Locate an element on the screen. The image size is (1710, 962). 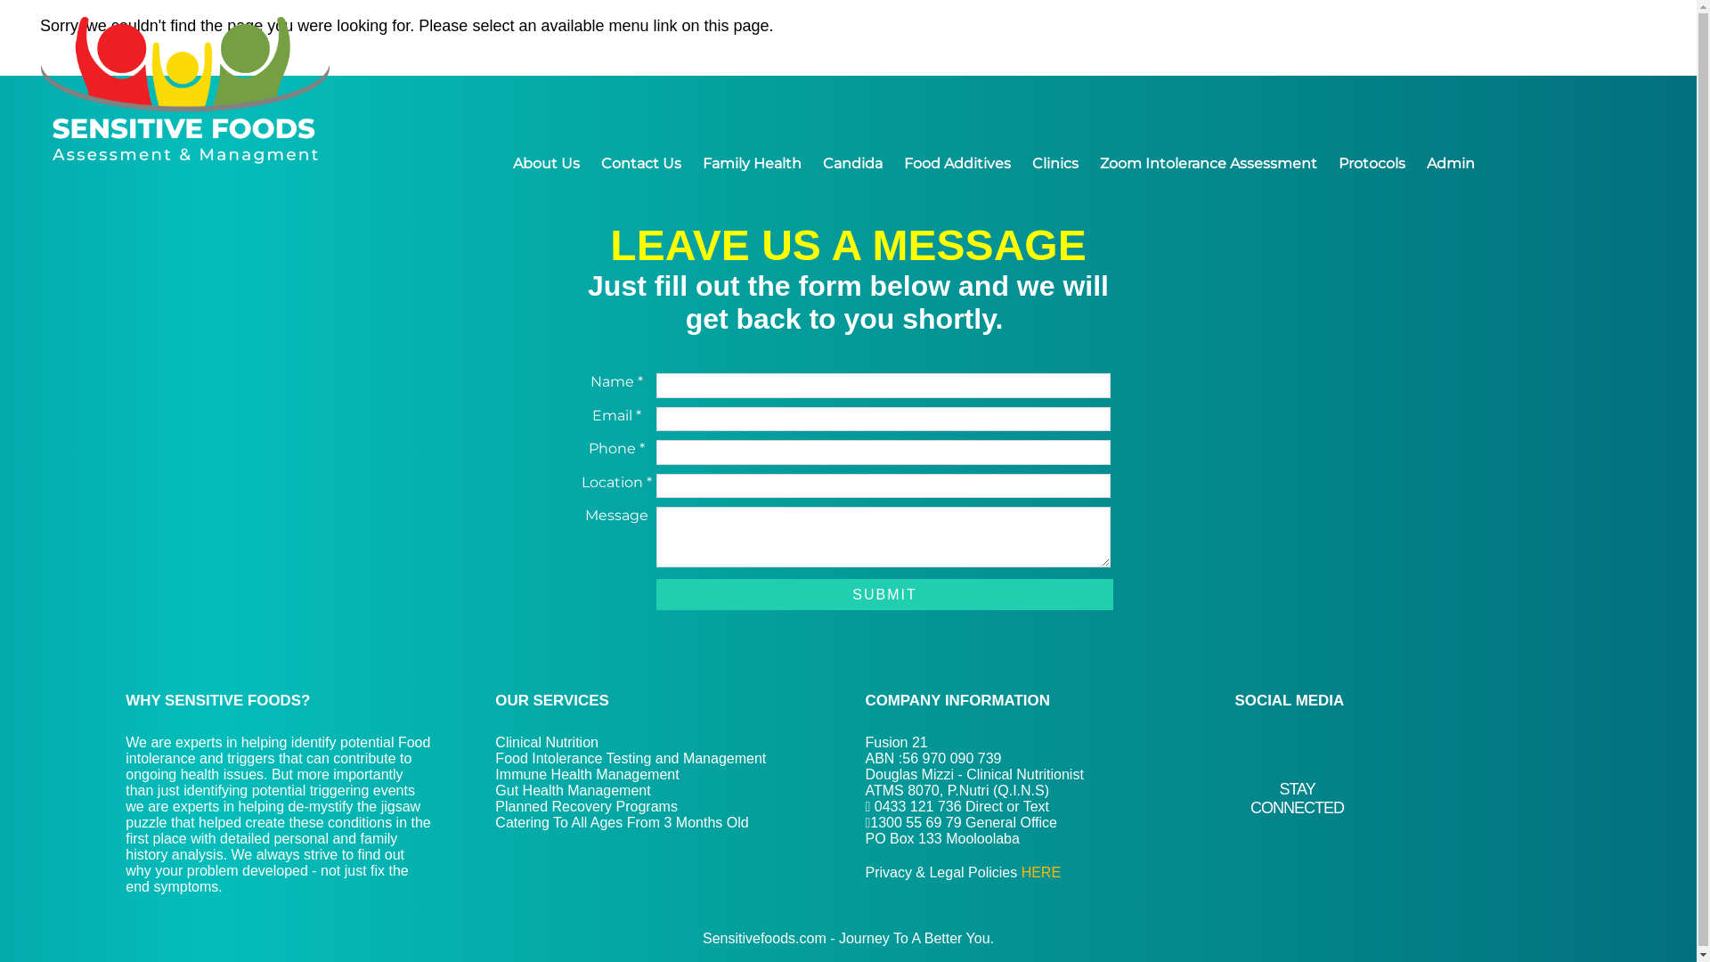
'Protocols' is located at coordinates (1371, 163).